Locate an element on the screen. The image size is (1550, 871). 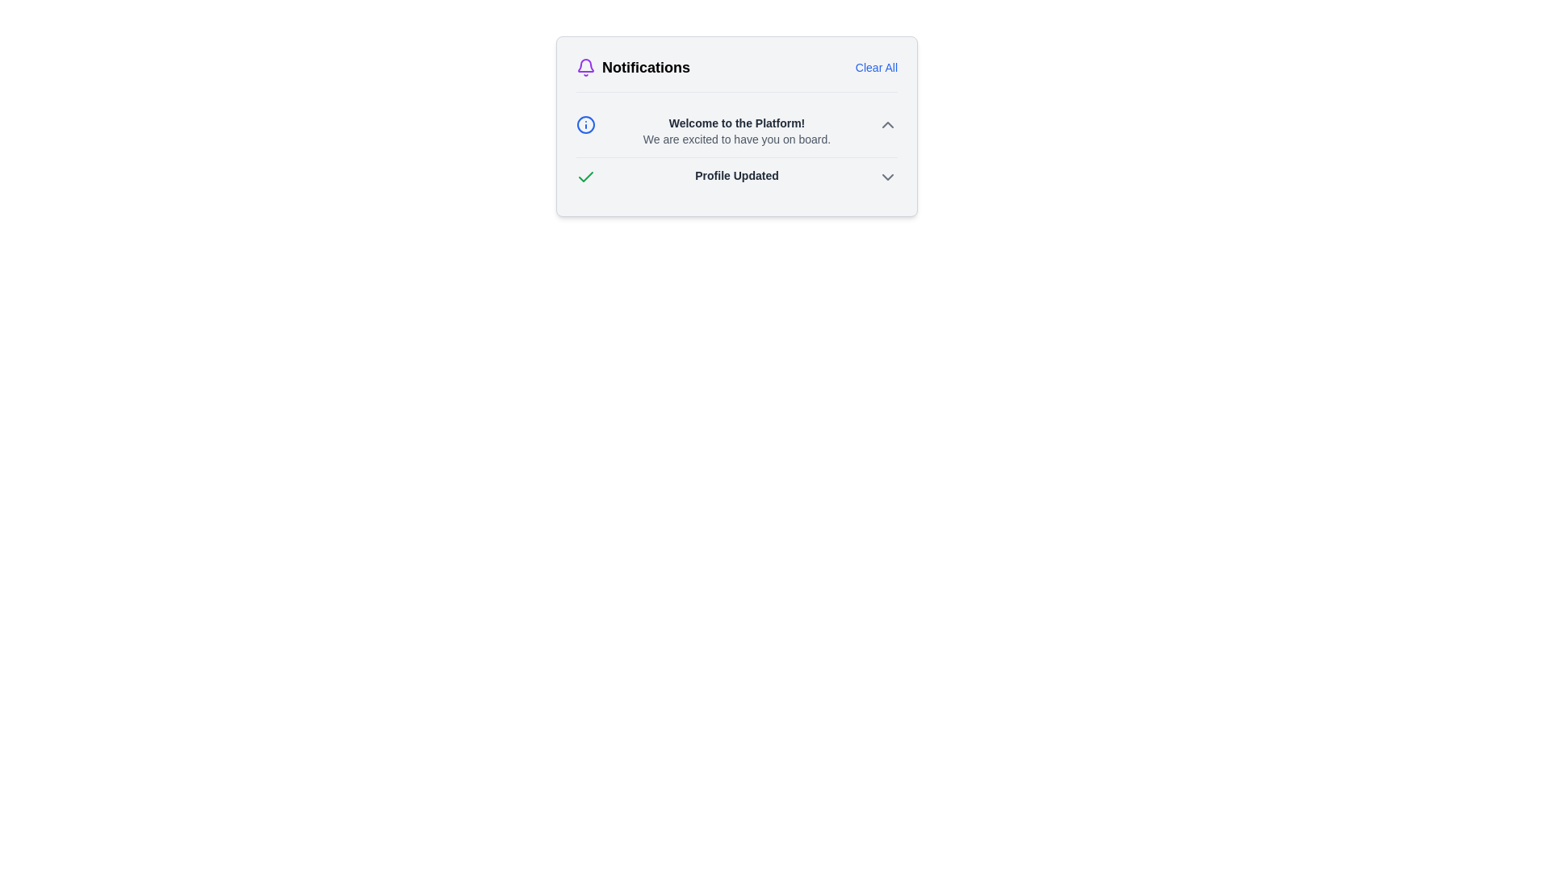
the Notification row with dropdown capability is located at coordinates (735, 177).